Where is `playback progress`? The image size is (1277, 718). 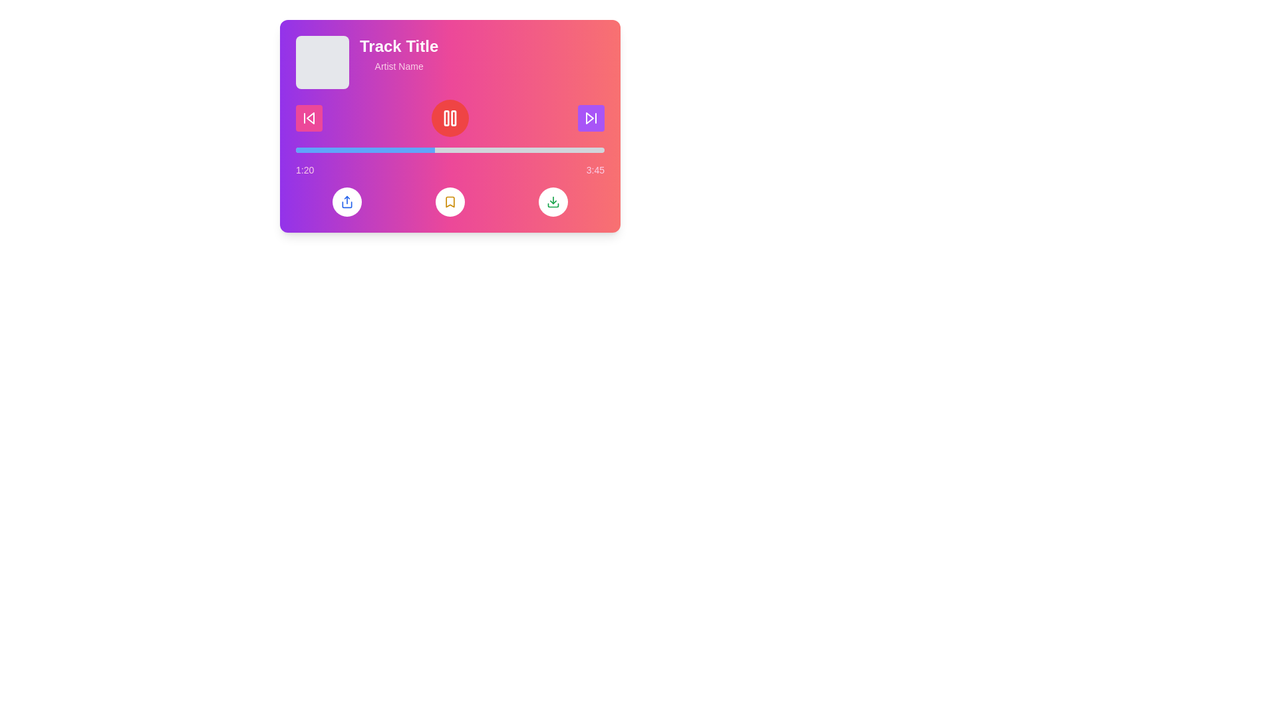 playback progress is located at coordinates (415, 150).